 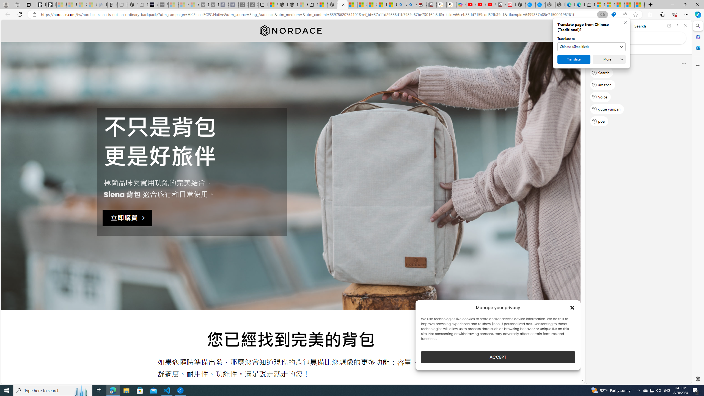 I want to click on 'Web scope', so click(x=595, y=50).